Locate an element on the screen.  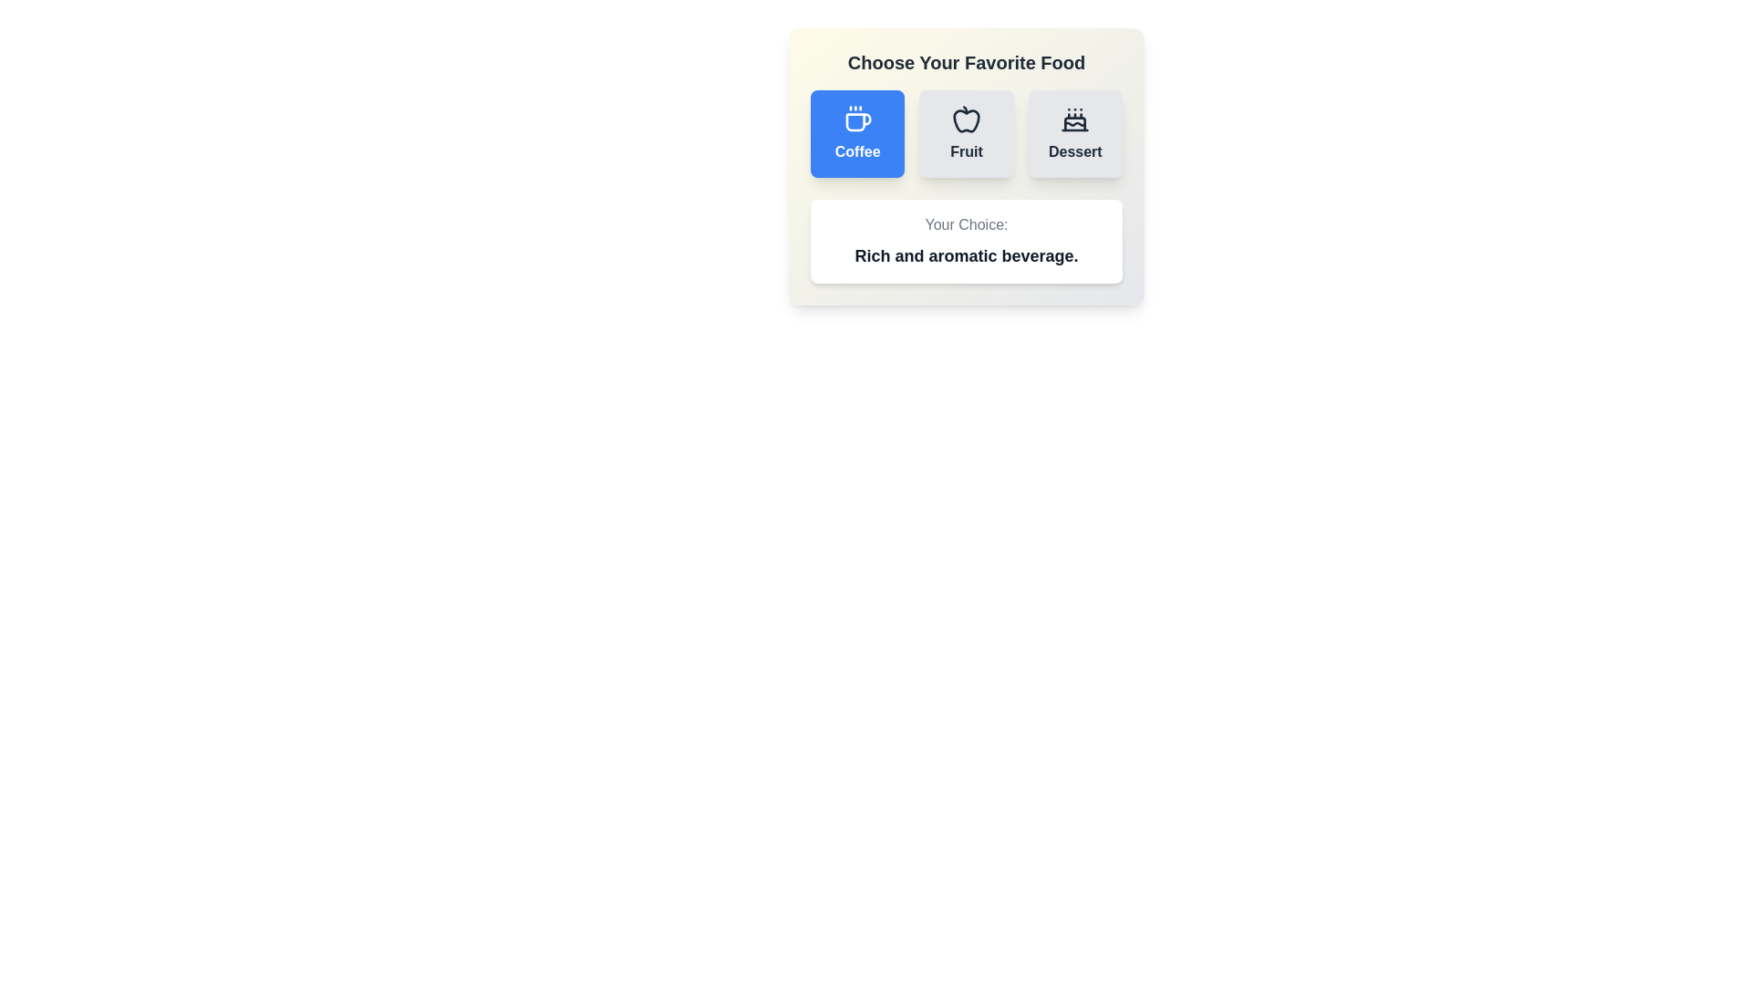
the food option Fruit is located at coordinates (966, 132).